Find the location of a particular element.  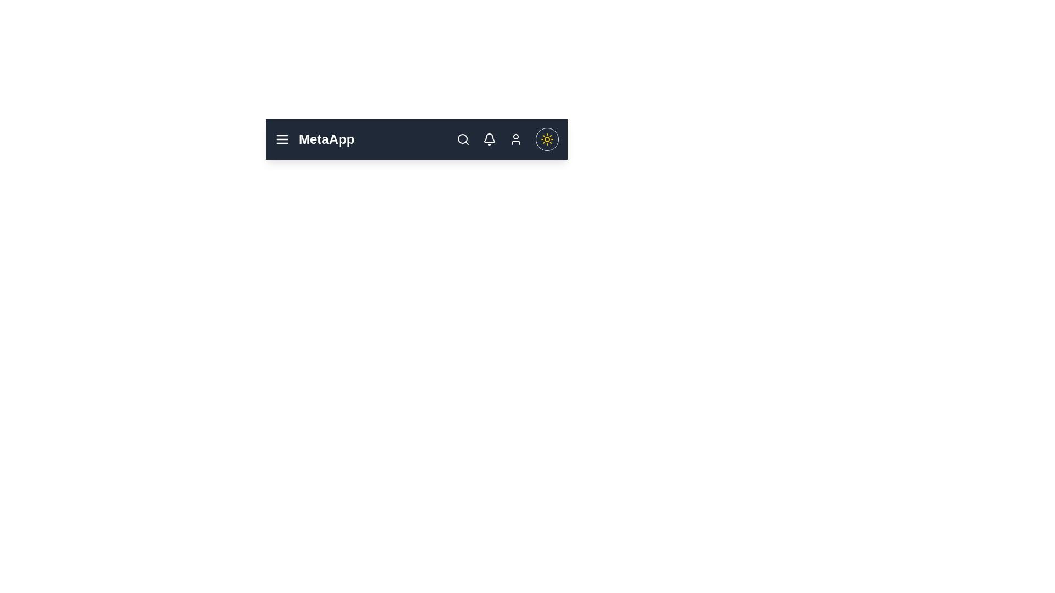

the theme toggle button to switch between dark mode and light mode is located at coordinates (547, 139).